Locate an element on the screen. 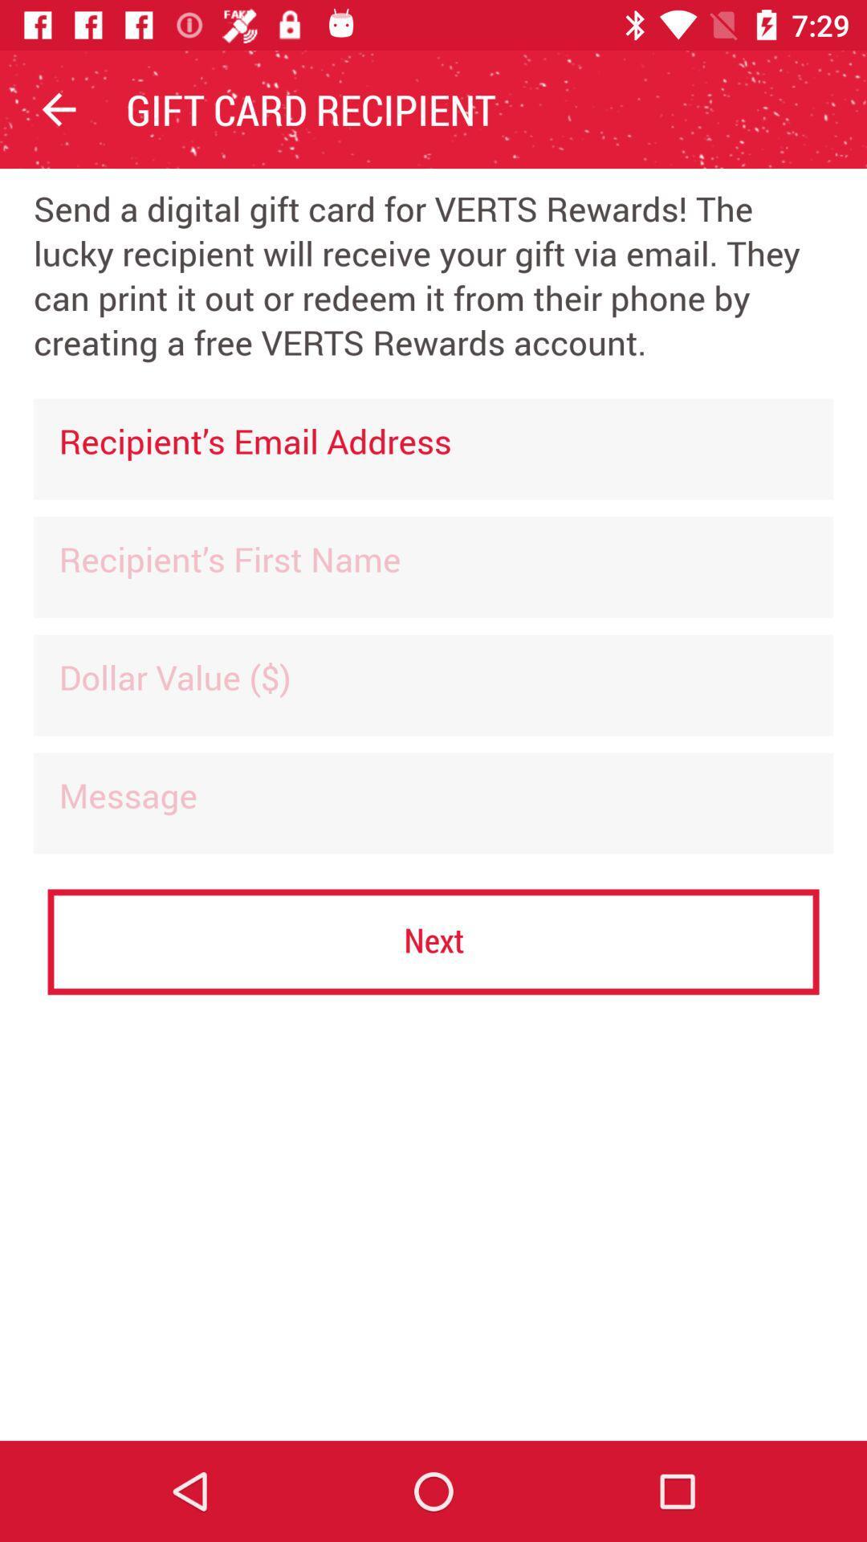 Image resolution: width=867 pixels, height=1542 pixels. the next item is located at coordinates (433, 941).